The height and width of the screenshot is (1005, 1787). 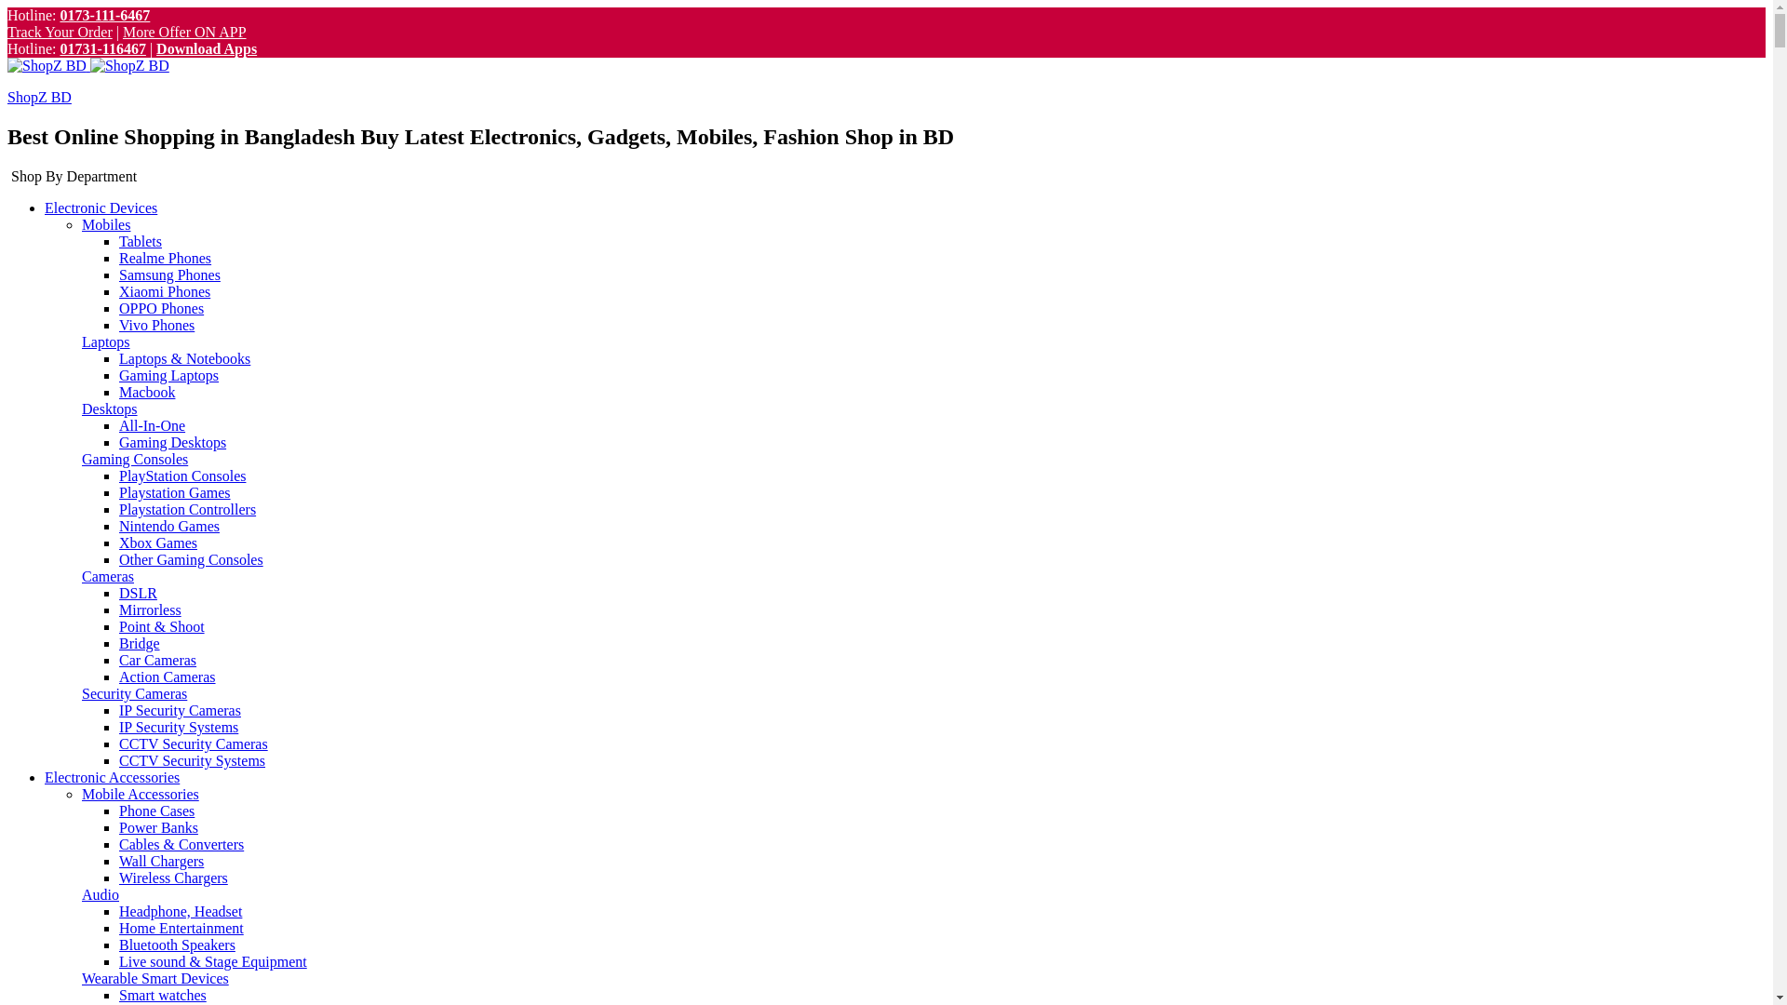 What do you see at coordinates (139, 240) in the screenshot?
I see `'Tablets'` at bounding box center [139, 240].